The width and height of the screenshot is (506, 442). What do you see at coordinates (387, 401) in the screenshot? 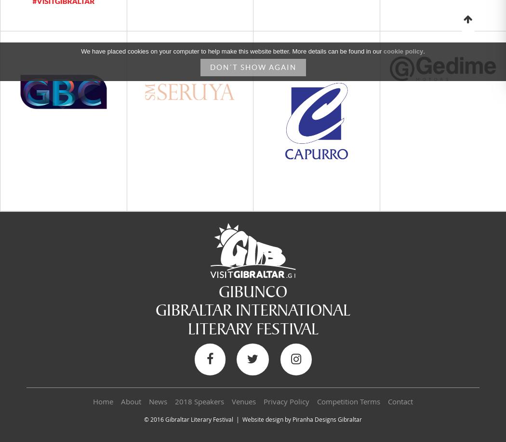
I see `'Contact'` at bounding box center [387, 401].